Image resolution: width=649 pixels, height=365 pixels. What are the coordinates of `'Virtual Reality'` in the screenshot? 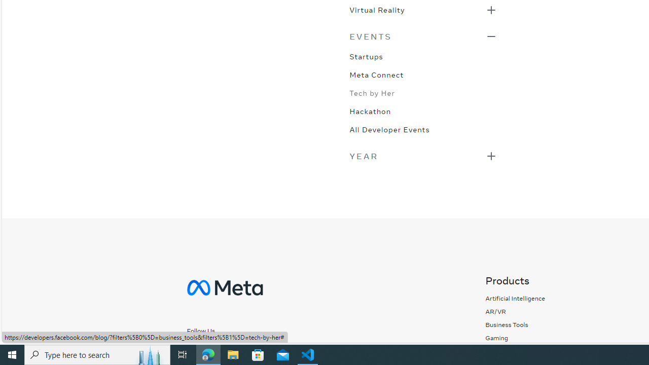 It's located at (376, 9).